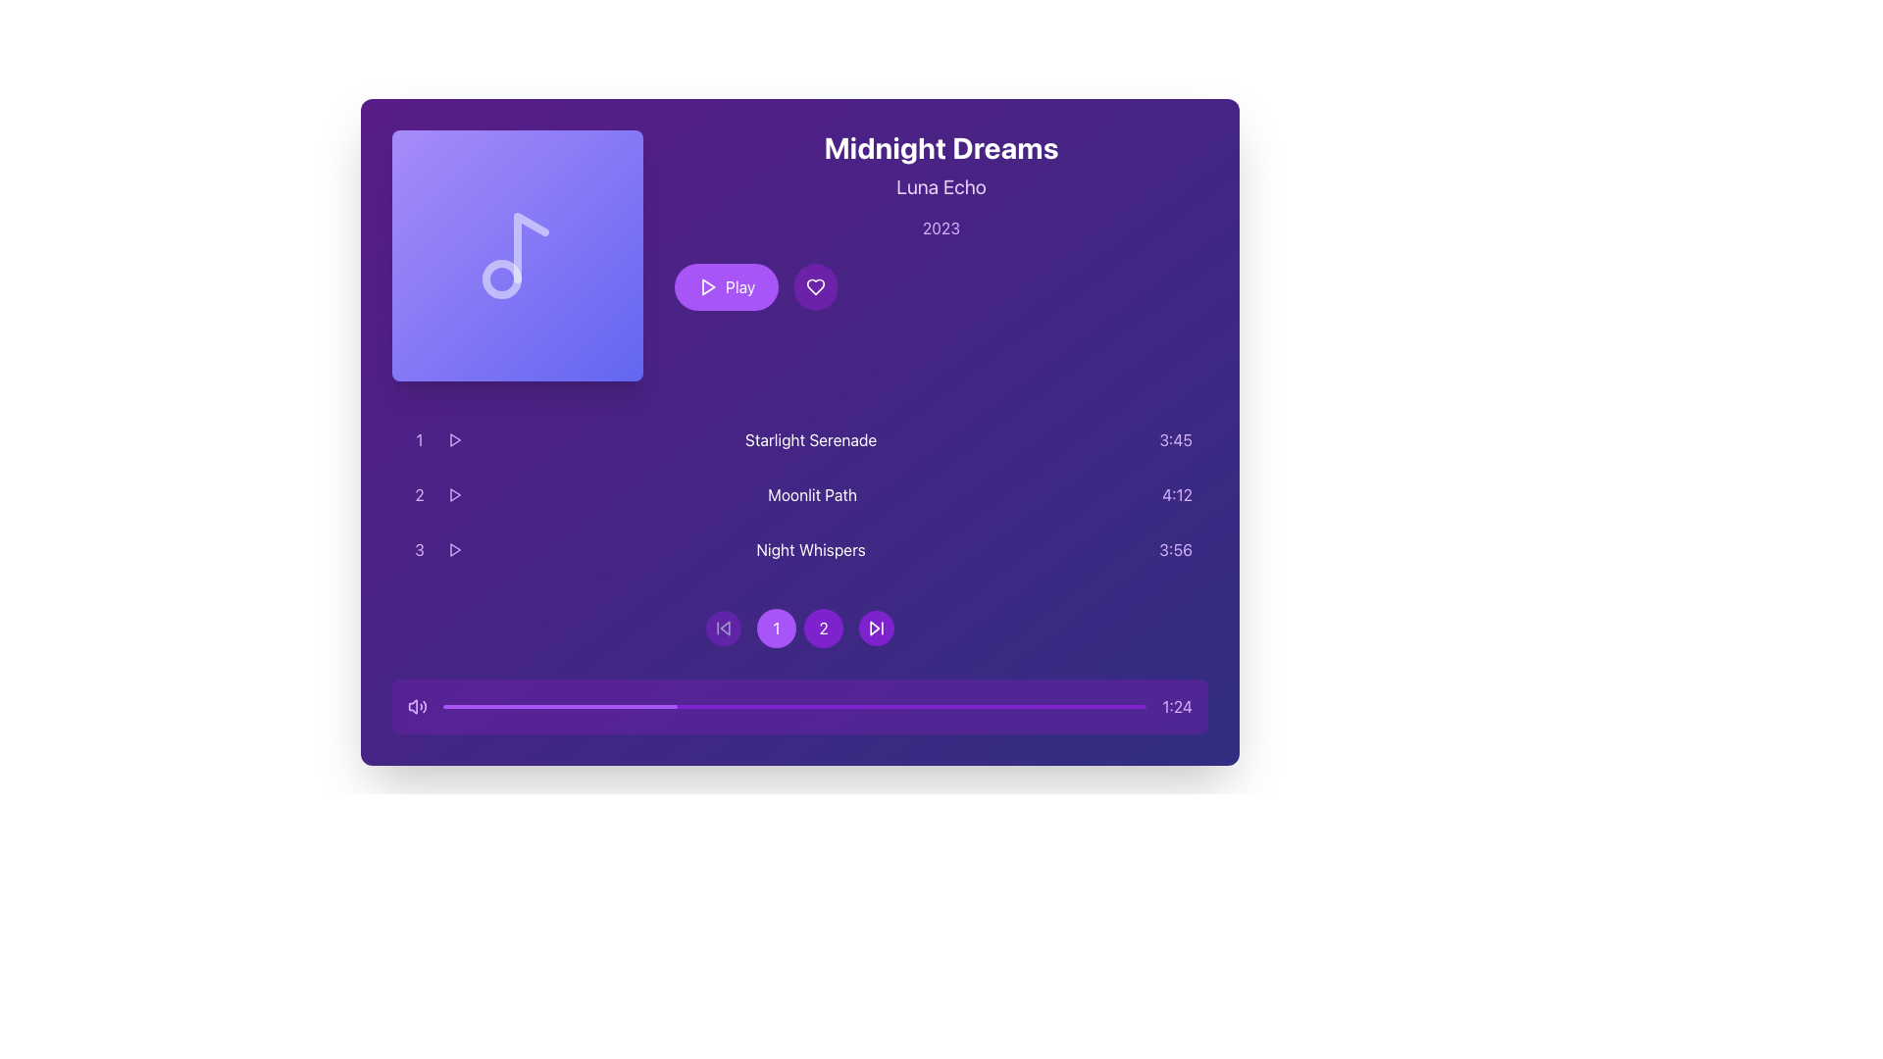 This screenshot has width=1883, height=1059. Describe the element at coordinates (941, 187) in the screenshot. I see `the Text Display element that provides additional information related to the title 'Midnight Dreams', which is located below 'Midnight Dreams' and above '2023'` at that location.